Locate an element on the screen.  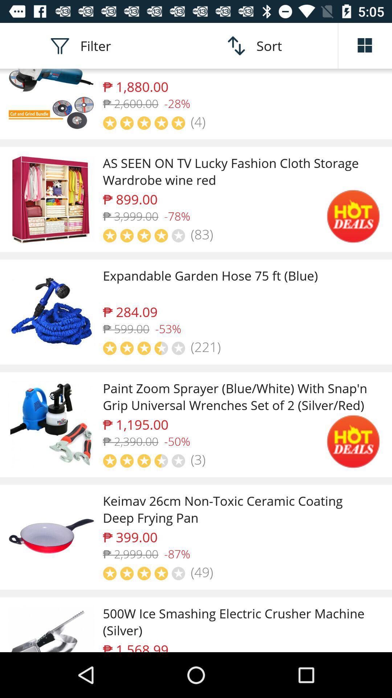
check menu is located at coordinates (365, 45).